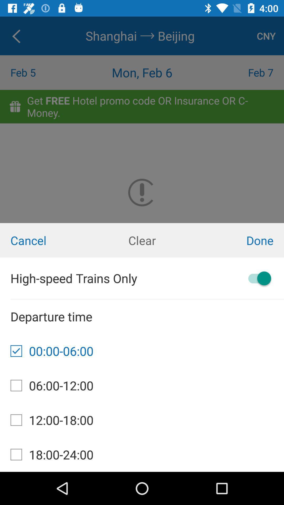 The height and width of the screenshot is (505, 284). Describe the element at coordinates (236, 240) in the screenshot. I see `the icon to the right of the clear` at that location.